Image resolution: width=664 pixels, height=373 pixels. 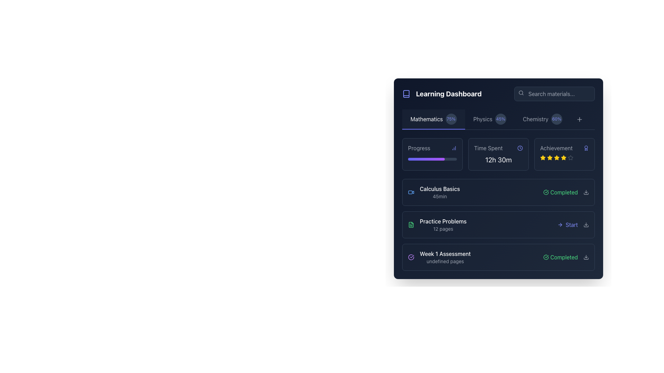 What do you see at coordinates (561, 192) in the screenshot?
I see `the content of the Status indicator with text and icon that indicates the completion status for the task titled 'Calculus Basics' in the Learning Dashboard interface` at bounding box center [561, 192].